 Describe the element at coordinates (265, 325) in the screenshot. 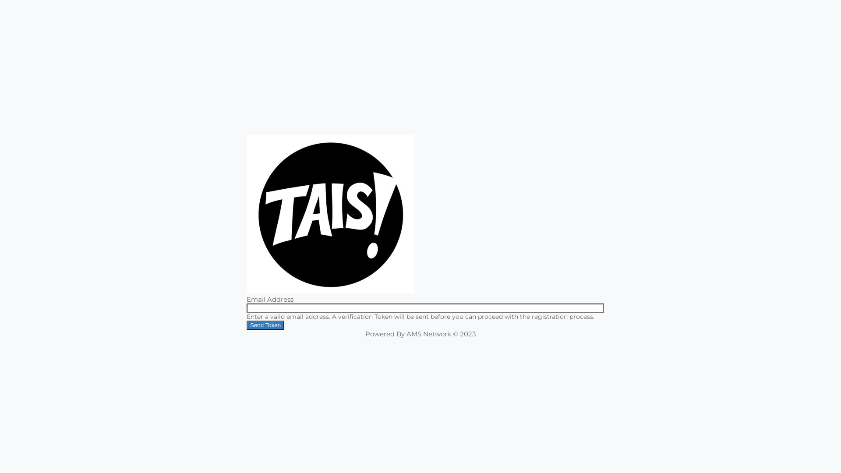

I see `'Send Token'` at that location.